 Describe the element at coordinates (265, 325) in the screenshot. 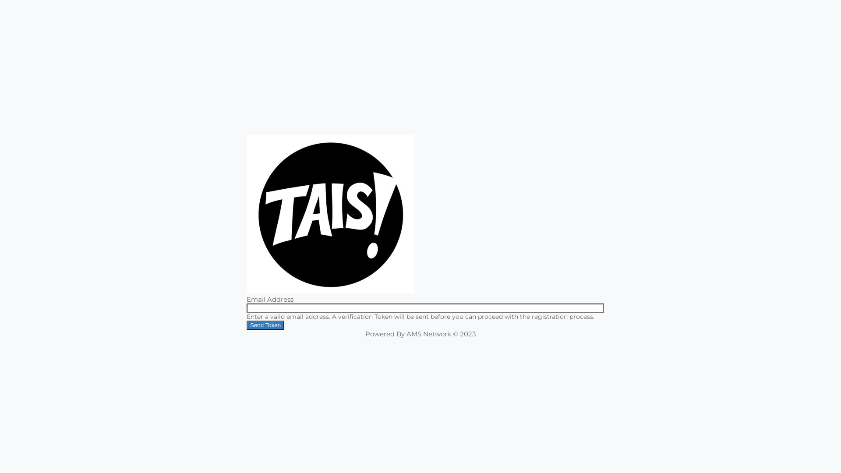

I see `'Send Token'` at that location.